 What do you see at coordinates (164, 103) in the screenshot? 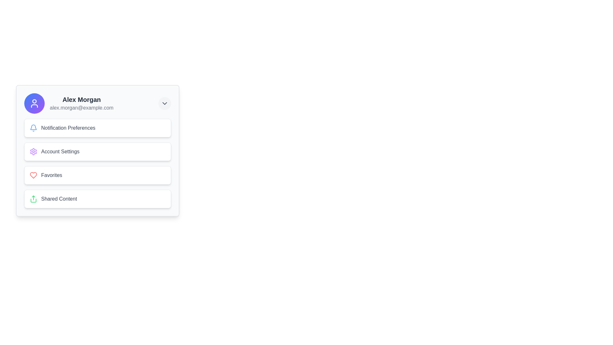
I see `the circular dropdown trigger button with a light gray background and a downward pointing chevron icon` at bounding box center [164, 103].